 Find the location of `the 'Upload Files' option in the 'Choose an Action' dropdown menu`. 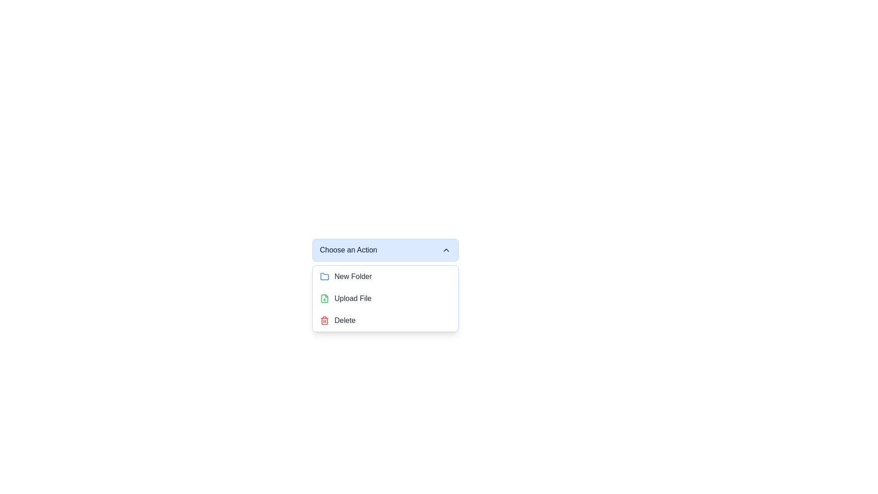

the 'Upload Files' option in the 'Choose an Action' dropdown menu is located at coordinates (353, 298).